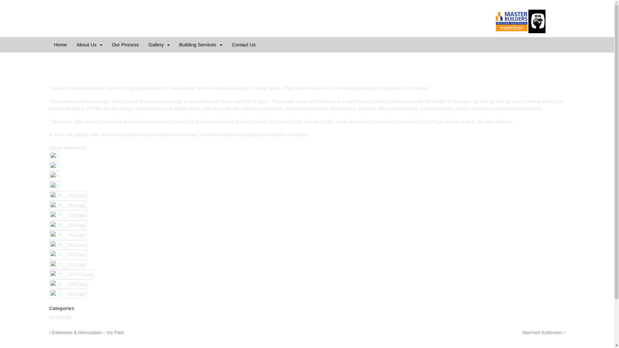 The image size is (619, 348). Describe the element at coordinates (68, 294) in the screenshot. I see `'_P__1305.jpg'` at that location.